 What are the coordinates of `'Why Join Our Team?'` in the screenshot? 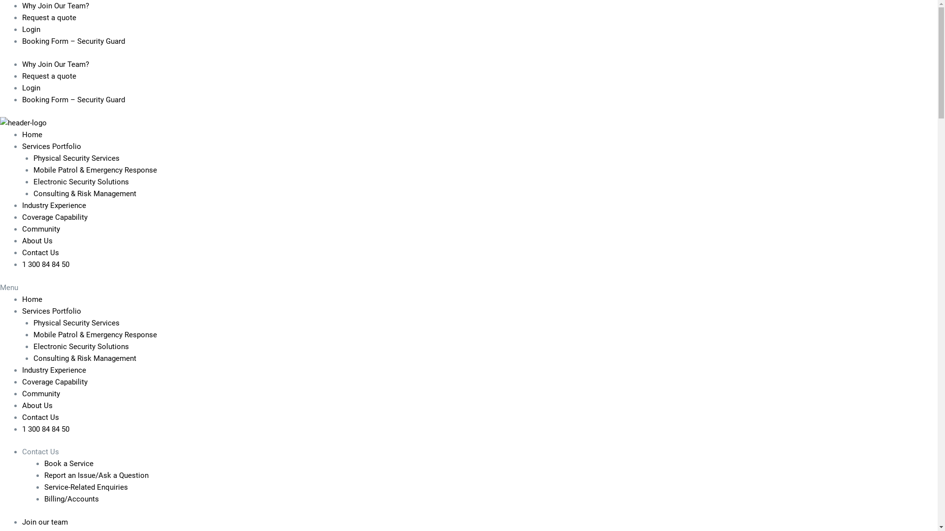 It's located at (55, 64).